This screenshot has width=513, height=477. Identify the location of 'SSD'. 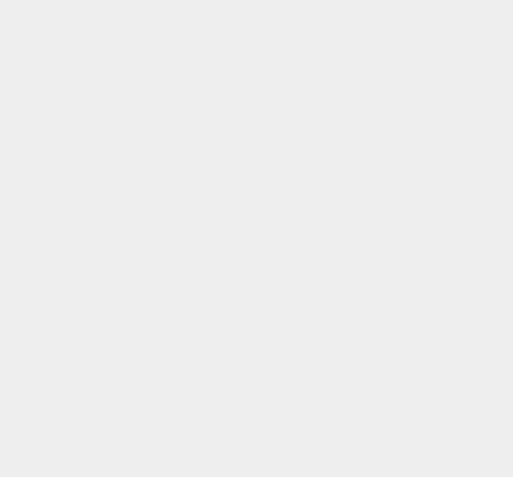
(368, 470).